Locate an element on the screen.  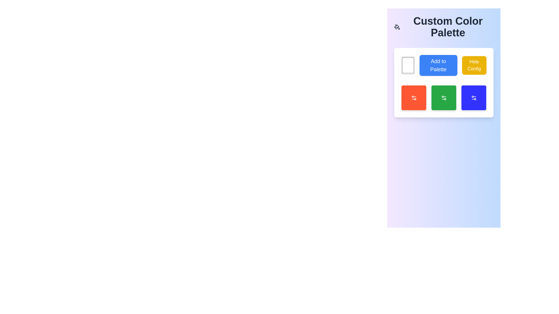
the leftmost color picker element in the row is located at coordinates (408, 65).